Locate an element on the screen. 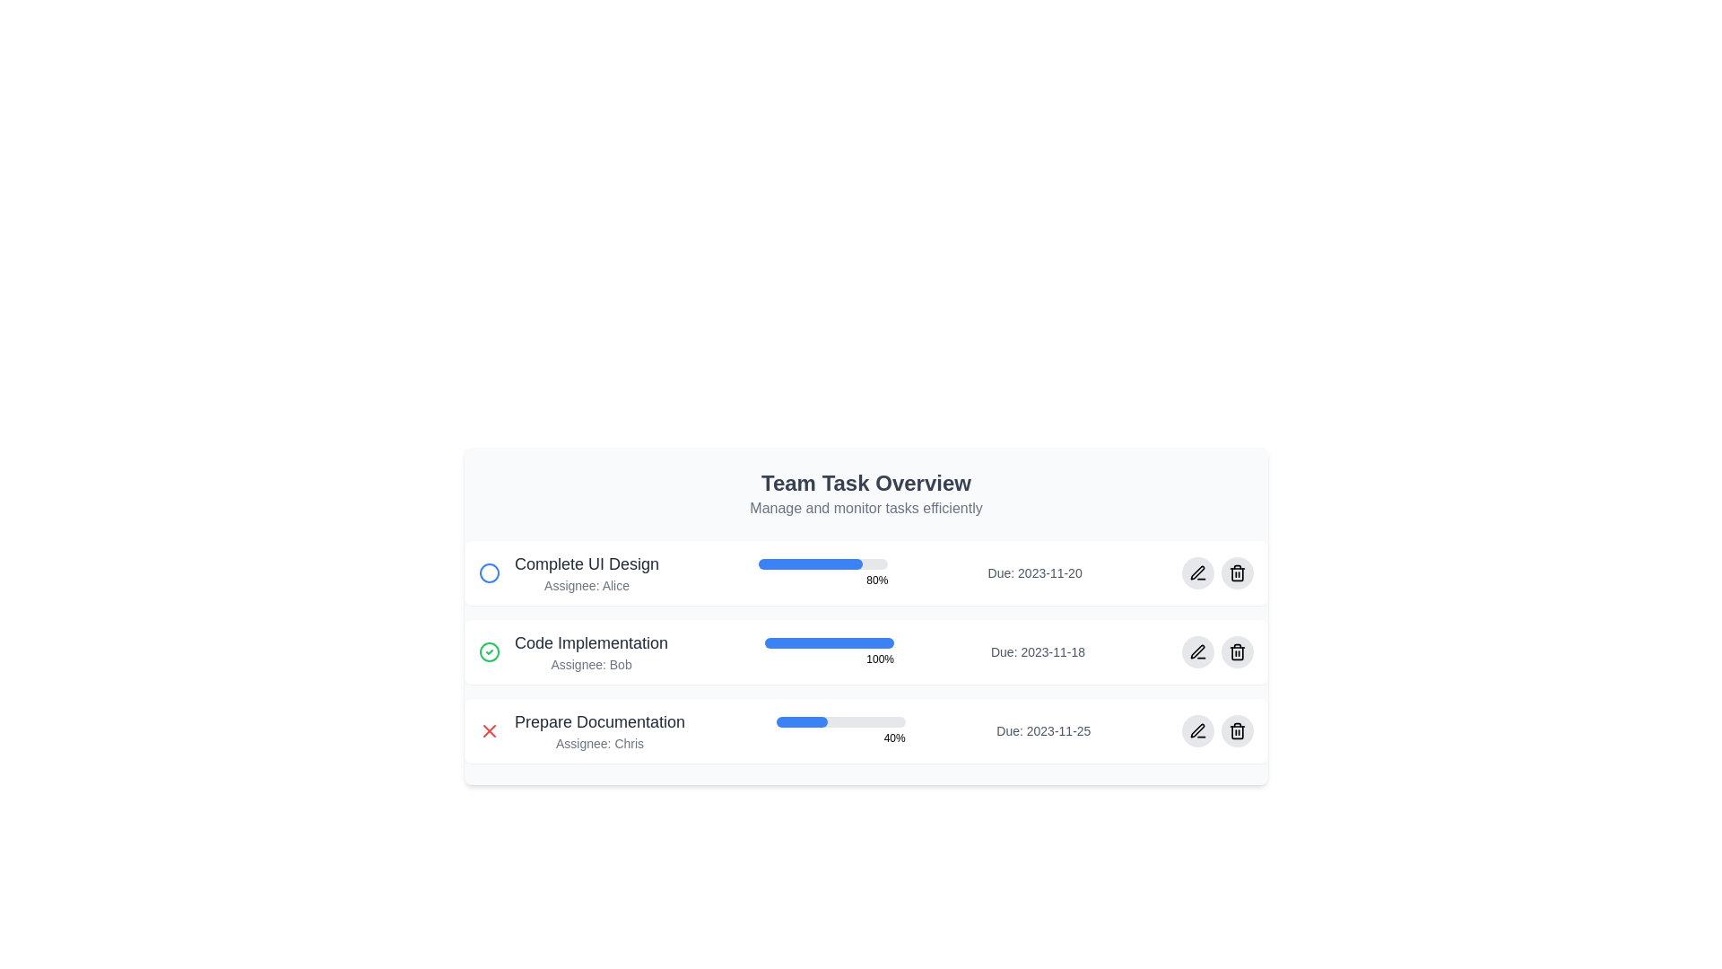 The image size is (1722, 969). the text label that displays the assigned team member for the task, located beneath 'Complete UI Design' in the task grouping is located at coordinates (587, 585).